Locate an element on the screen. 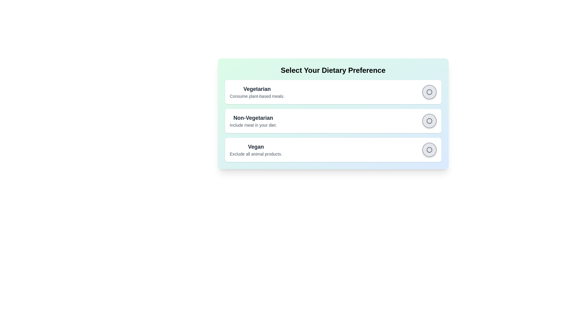 The width and height of the screenshot is (577, 325). the selected radio button located to the right of the 'Vegetarian' option in the dietary preferences list is located at coordinates (429, 92).